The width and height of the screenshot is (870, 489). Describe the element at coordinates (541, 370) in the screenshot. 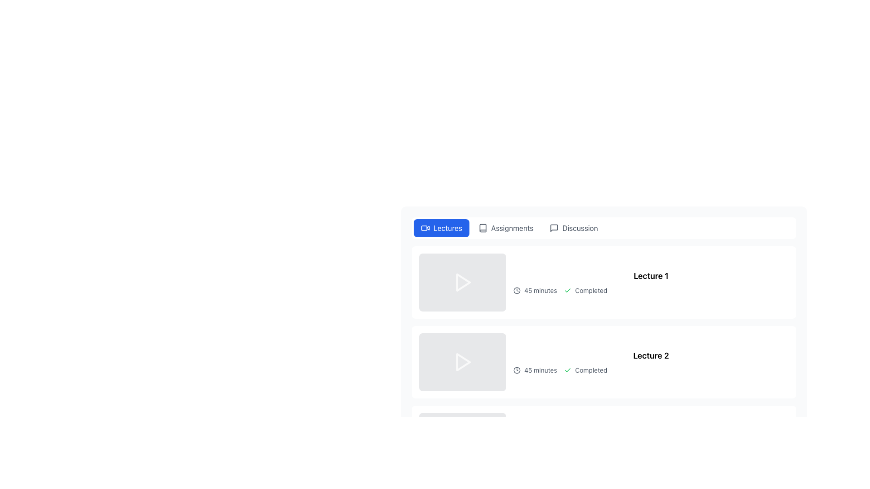

I see `the Text Label that displays the duration of the associated item or task, which is located between a clock icon and a green check mark icon` at that location.